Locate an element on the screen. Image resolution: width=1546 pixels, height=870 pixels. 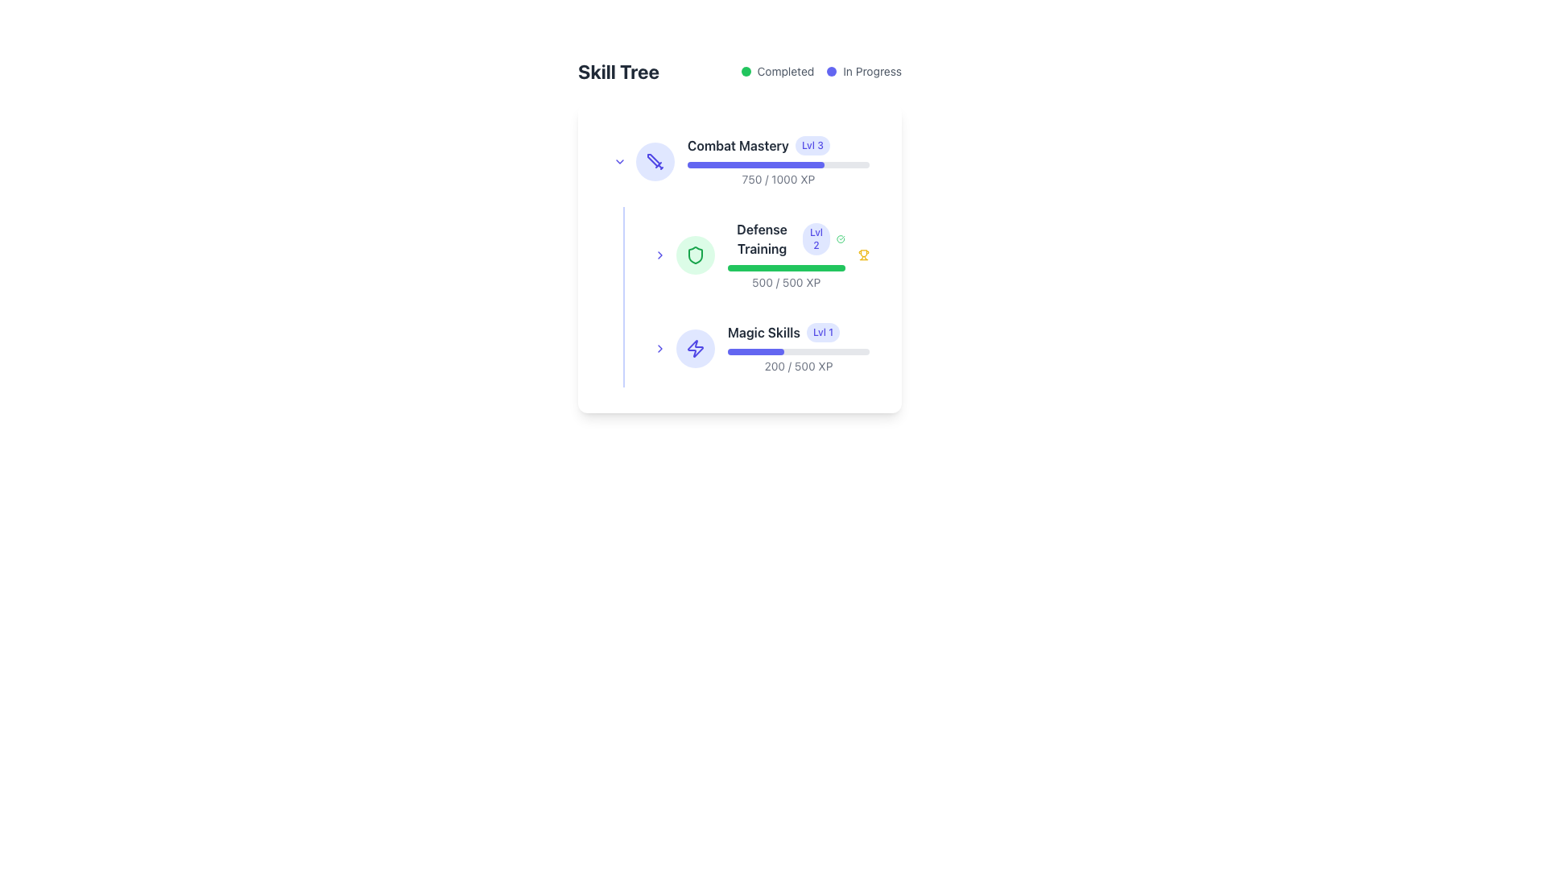
the status indicator label on the left side of the row that displays 'Completed' and 'In Progress' is located at coordinates (777, 70).